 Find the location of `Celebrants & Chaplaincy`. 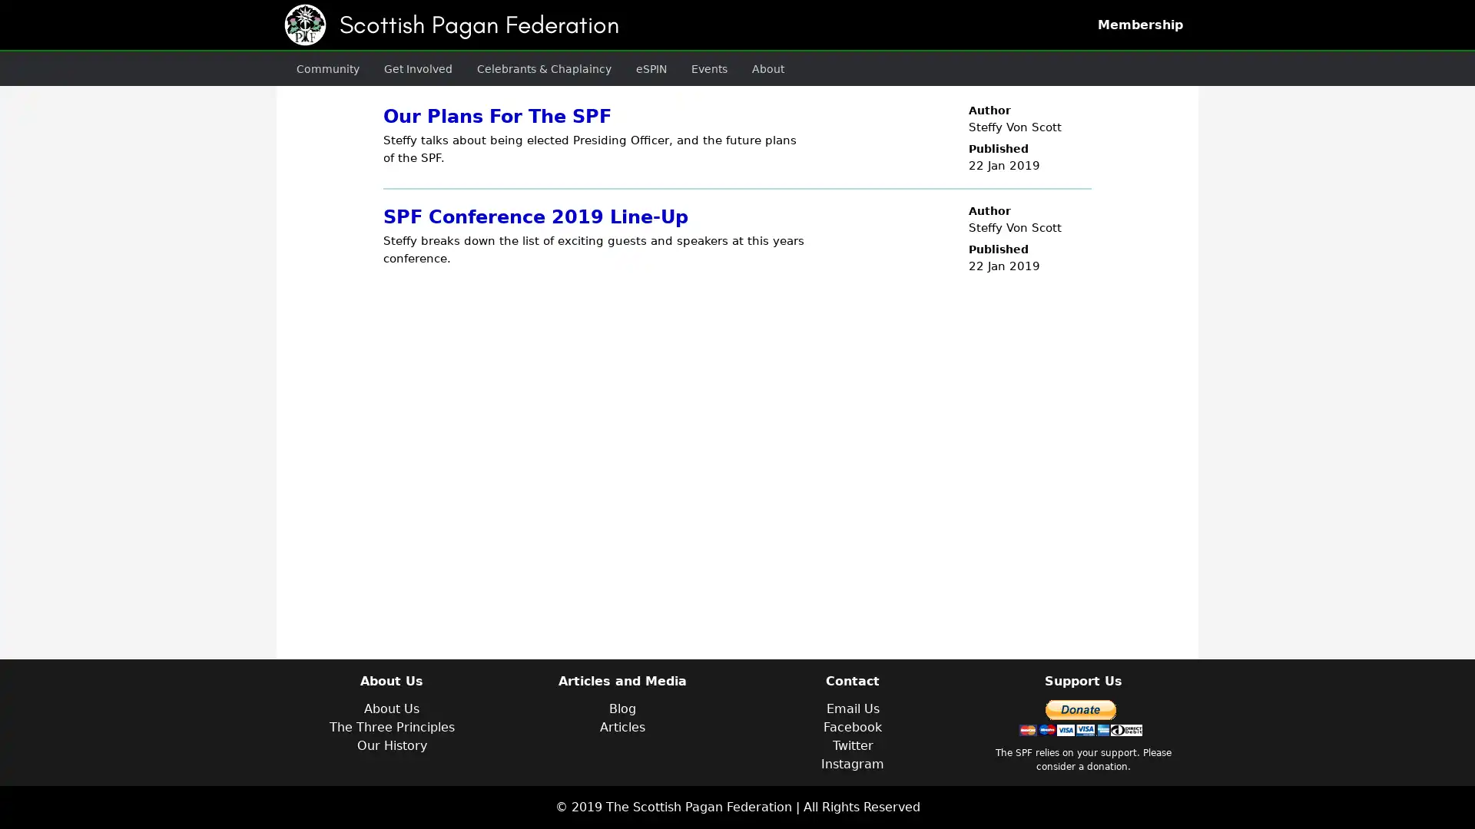

Celebrants & Chaplaincy is located at coordinates (522, 68).